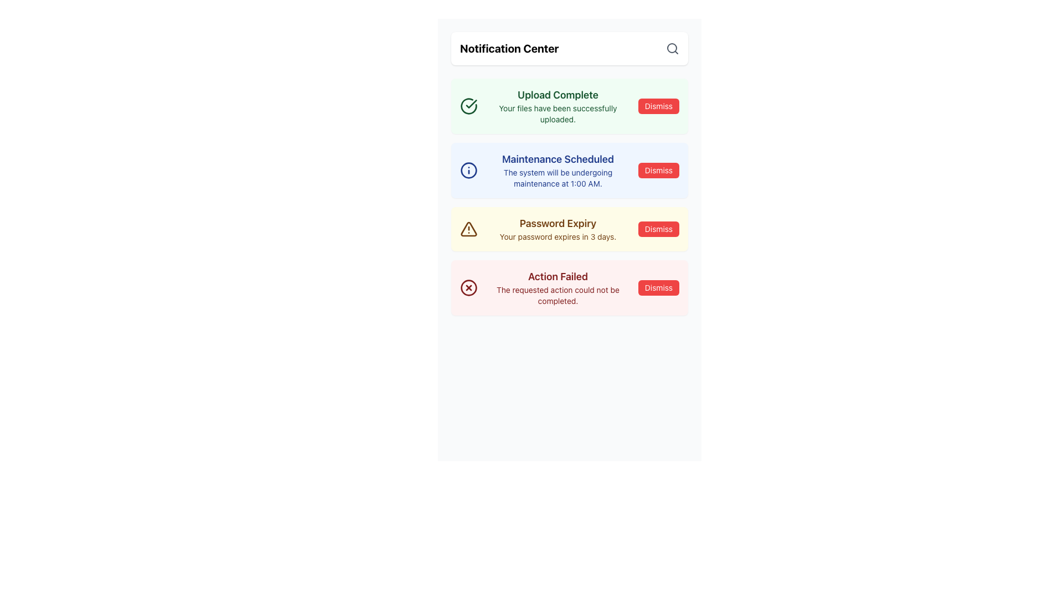 The width and height of the screenshot is (1063, 598). Describe the element at coordinates (468, 228) in the screenshot. I see `the warning icon in the 'Password Expiry' notification card` at that location.